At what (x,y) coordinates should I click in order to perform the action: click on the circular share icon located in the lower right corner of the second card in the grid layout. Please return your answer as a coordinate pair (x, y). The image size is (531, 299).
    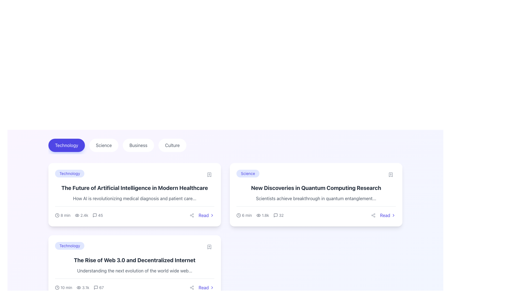
    Looking at the image, I should click on (192, 287).